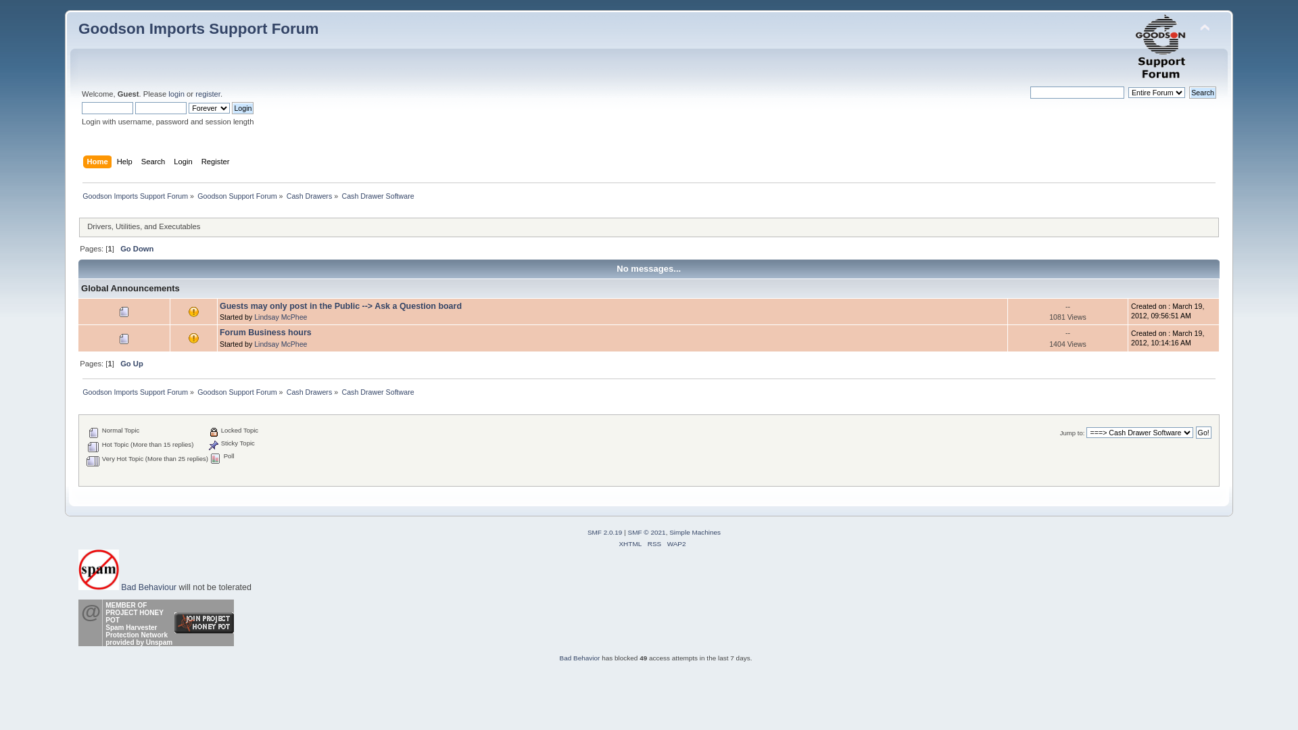  What do you see at coordinates (135, 195) in the screenshot?
I see `'Goodson Imports Support Forum'` at bounding box center [135, 195].